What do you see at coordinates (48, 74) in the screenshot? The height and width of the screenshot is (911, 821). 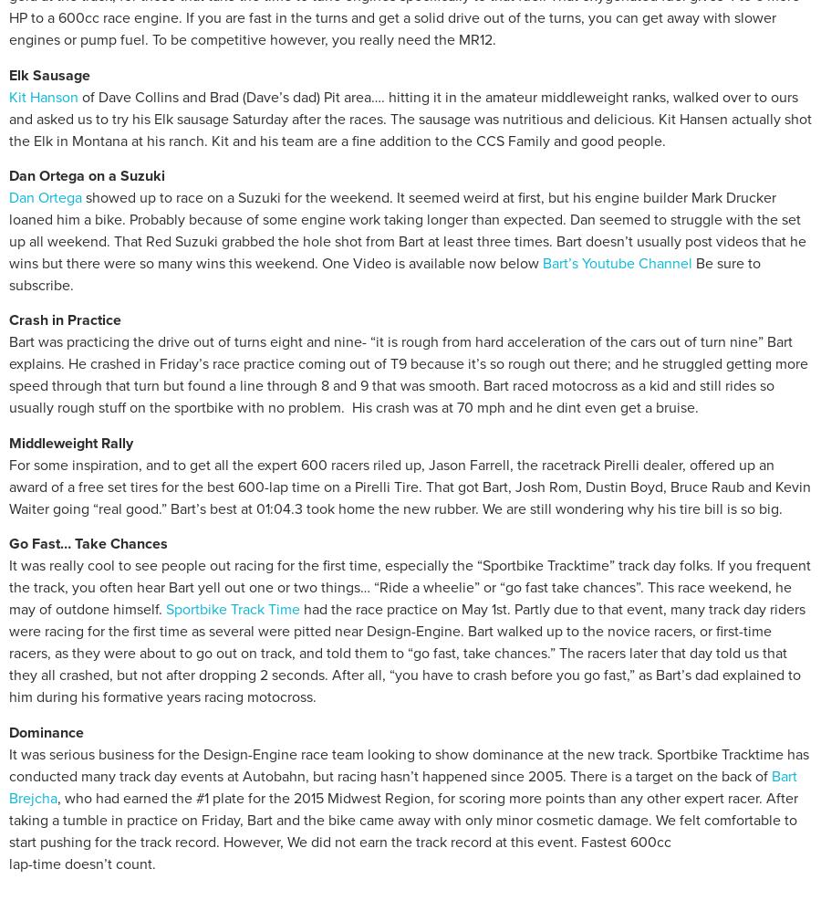 I see `'Elk Sausage'` at bounding box center [48, 74].